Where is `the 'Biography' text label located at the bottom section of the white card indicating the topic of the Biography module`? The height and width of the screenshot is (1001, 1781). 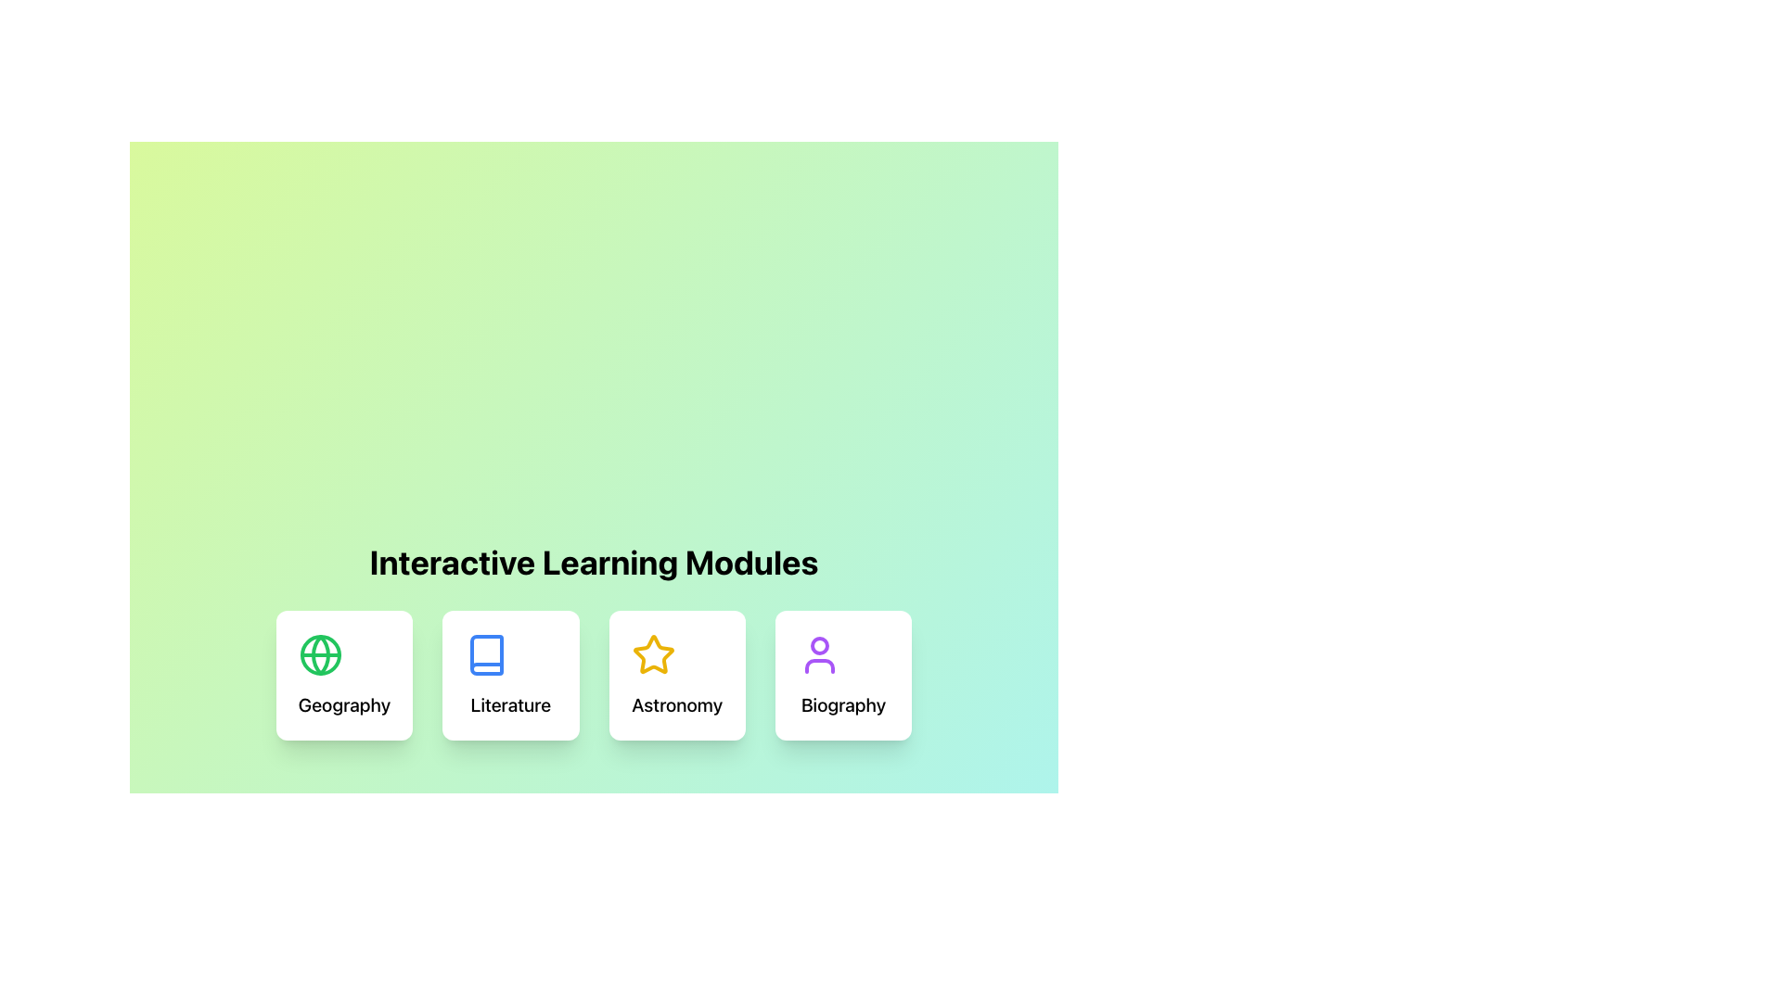 the 'Biography' text label located at the bottom section of the white card indicating the topic of the Biography module is located at coordinates (842, 704).